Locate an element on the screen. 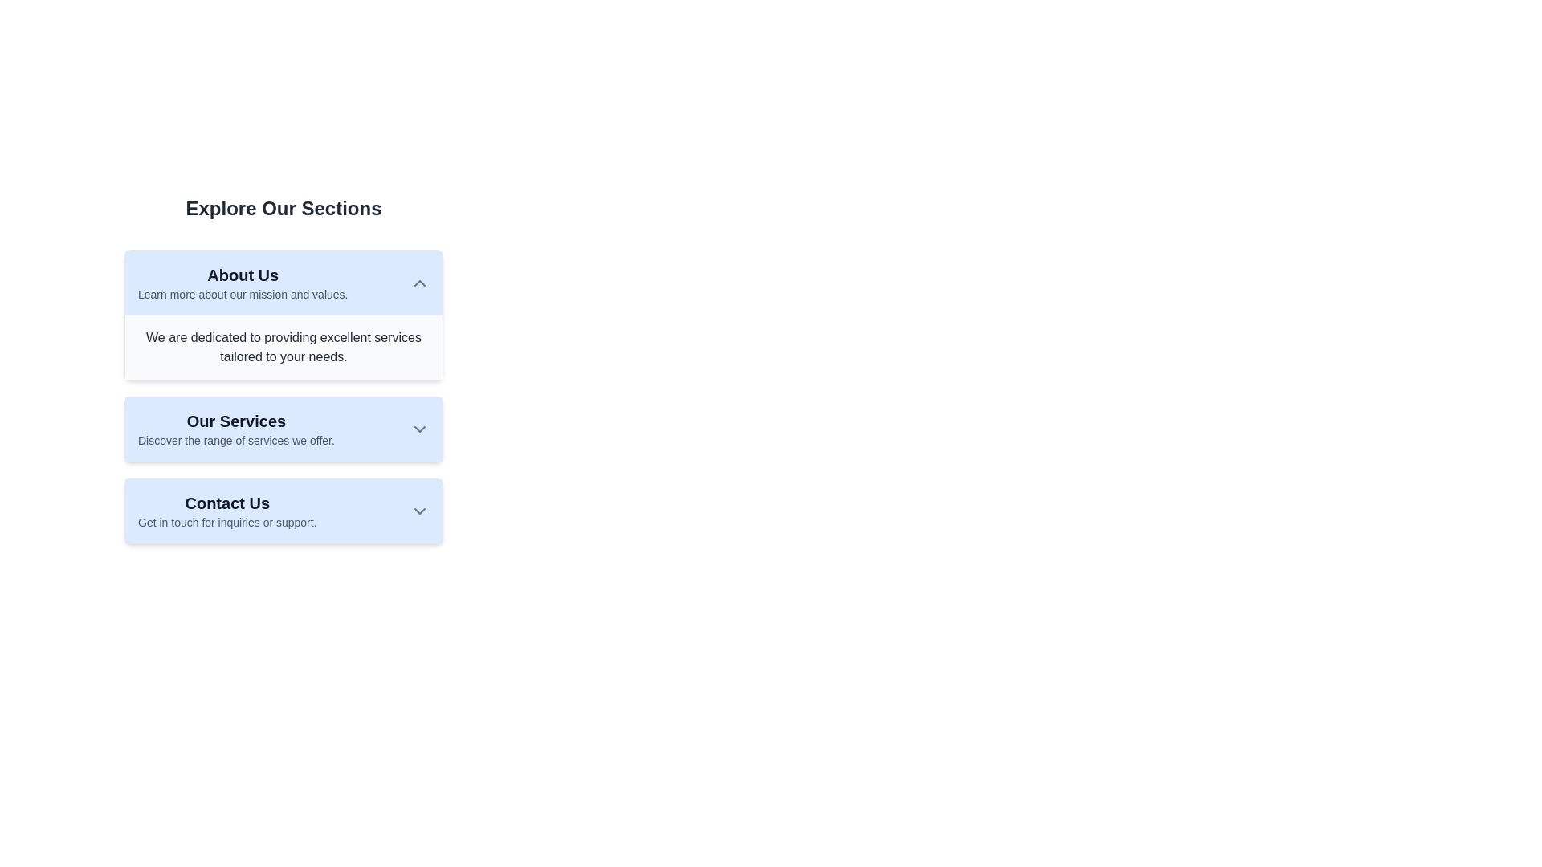 The image size is (1542, 867). the collapsible icon located in the top-right corner of the 'About Us' section card is located at coordinates (420, 283).